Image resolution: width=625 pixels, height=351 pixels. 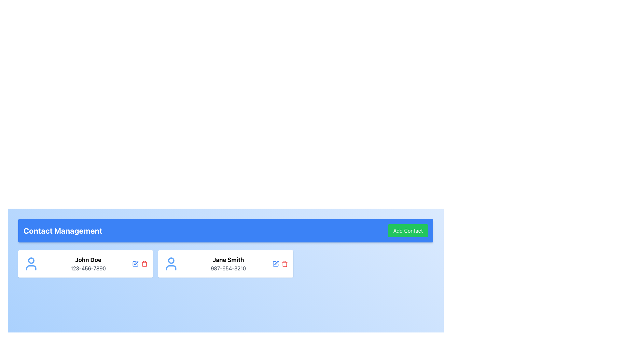 What do you see at coordinates (285, 264) in the screenshot?
I see `the red trash can icon in the 'Contact Management' section associated with the contact 'Jane Smith'` at bounding box center [285, 264].